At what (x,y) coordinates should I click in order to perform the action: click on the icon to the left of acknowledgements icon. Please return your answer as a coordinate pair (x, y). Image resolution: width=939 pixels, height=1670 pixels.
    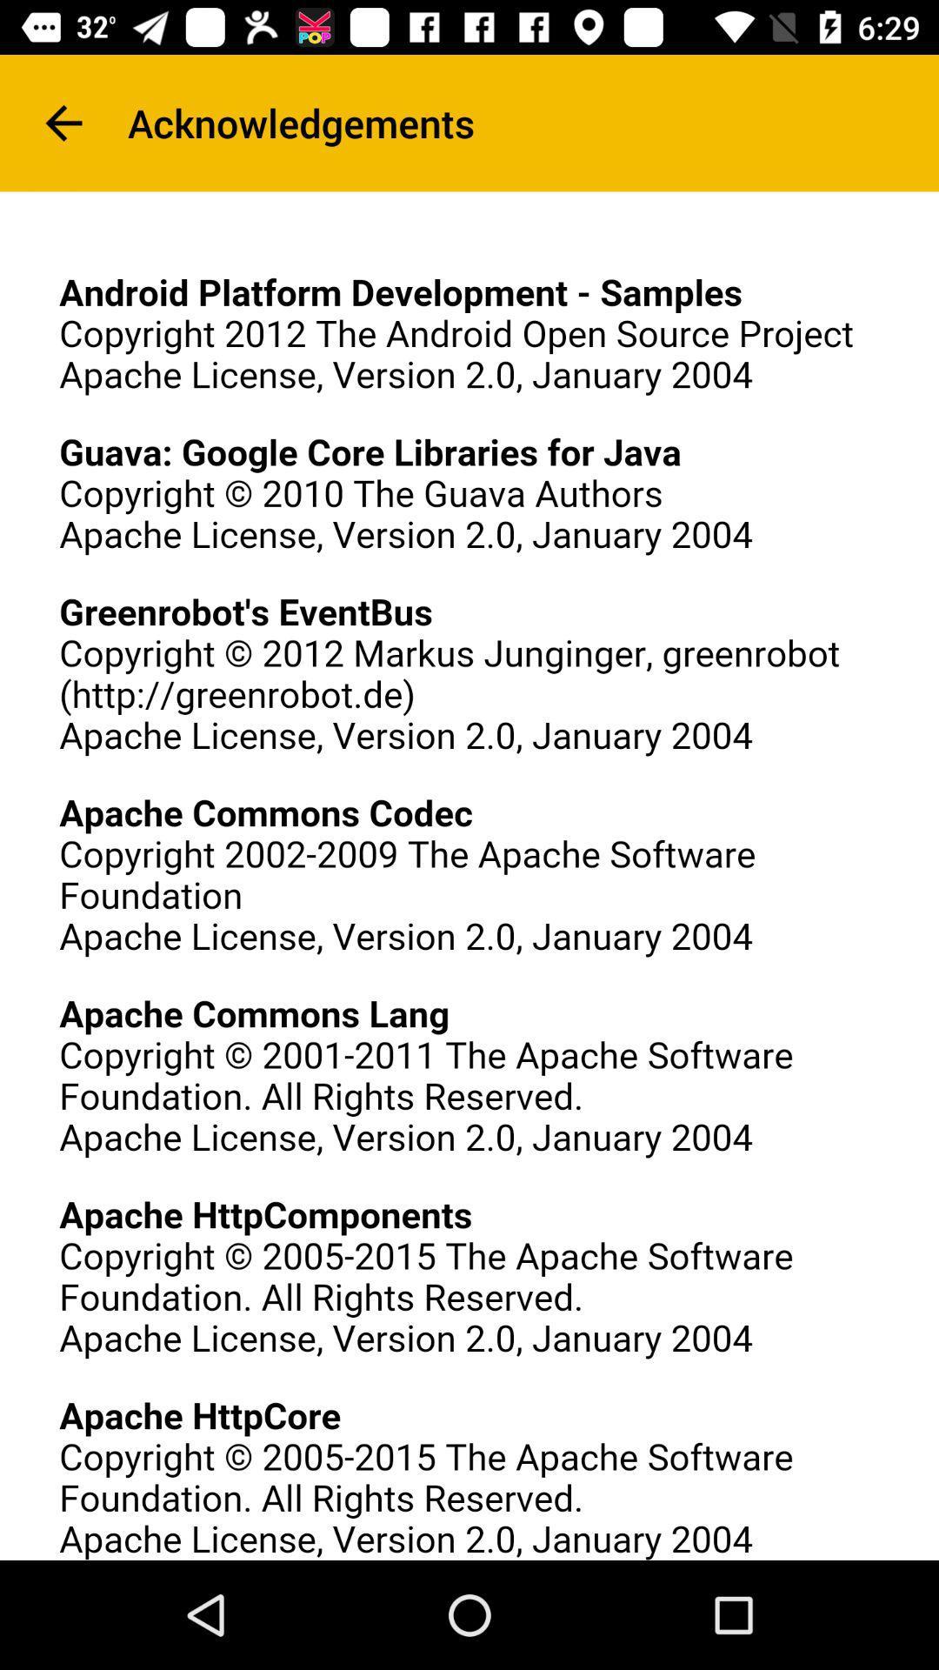
    Looking at the image, I should click on (63, 122).